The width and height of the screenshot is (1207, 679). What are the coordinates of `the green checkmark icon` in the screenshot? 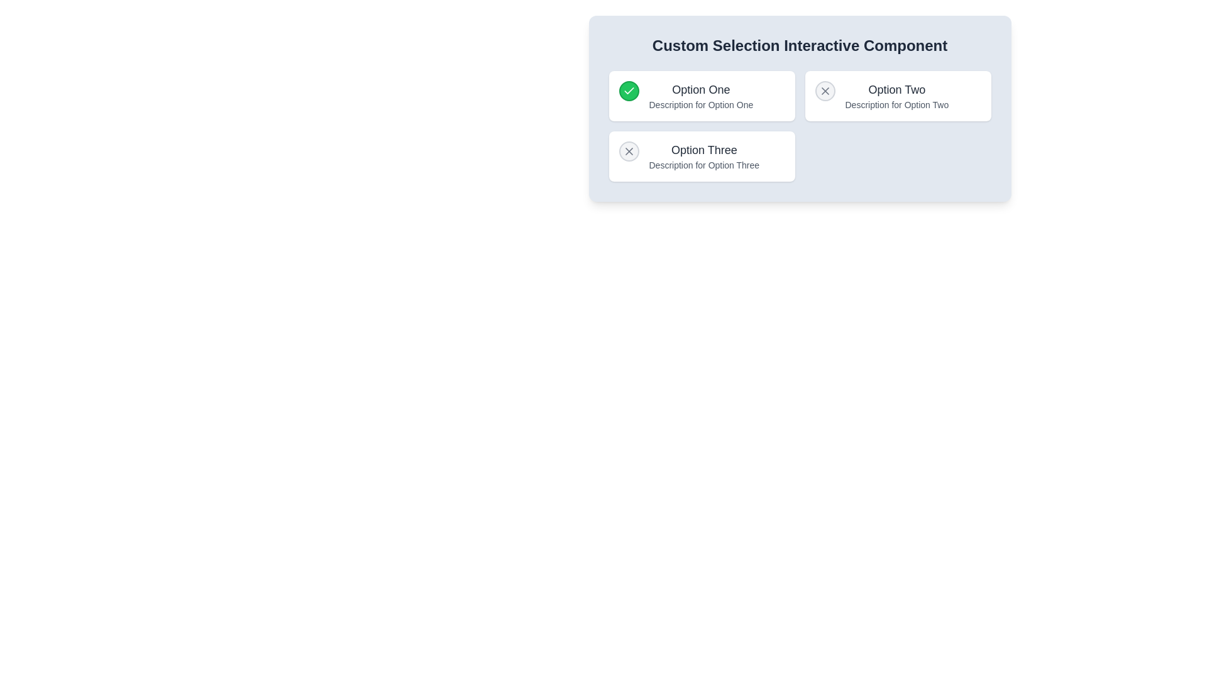 It's located at (629, 91).